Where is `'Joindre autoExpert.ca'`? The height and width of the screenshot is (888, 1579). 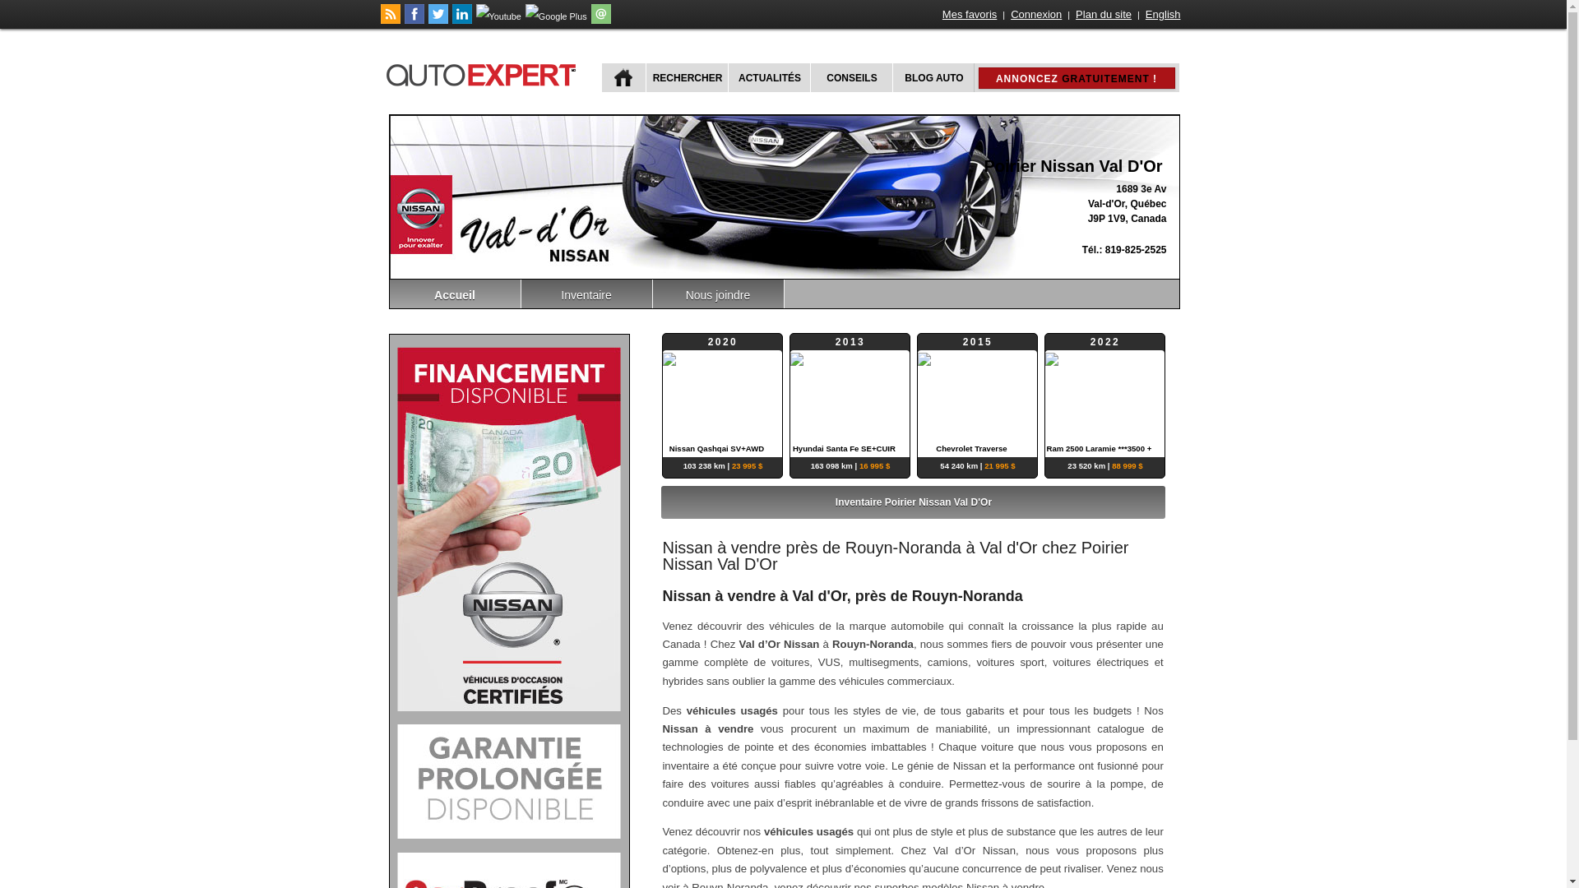 'Joindre autoExpert.ca' is located at coordinates (600, 20).